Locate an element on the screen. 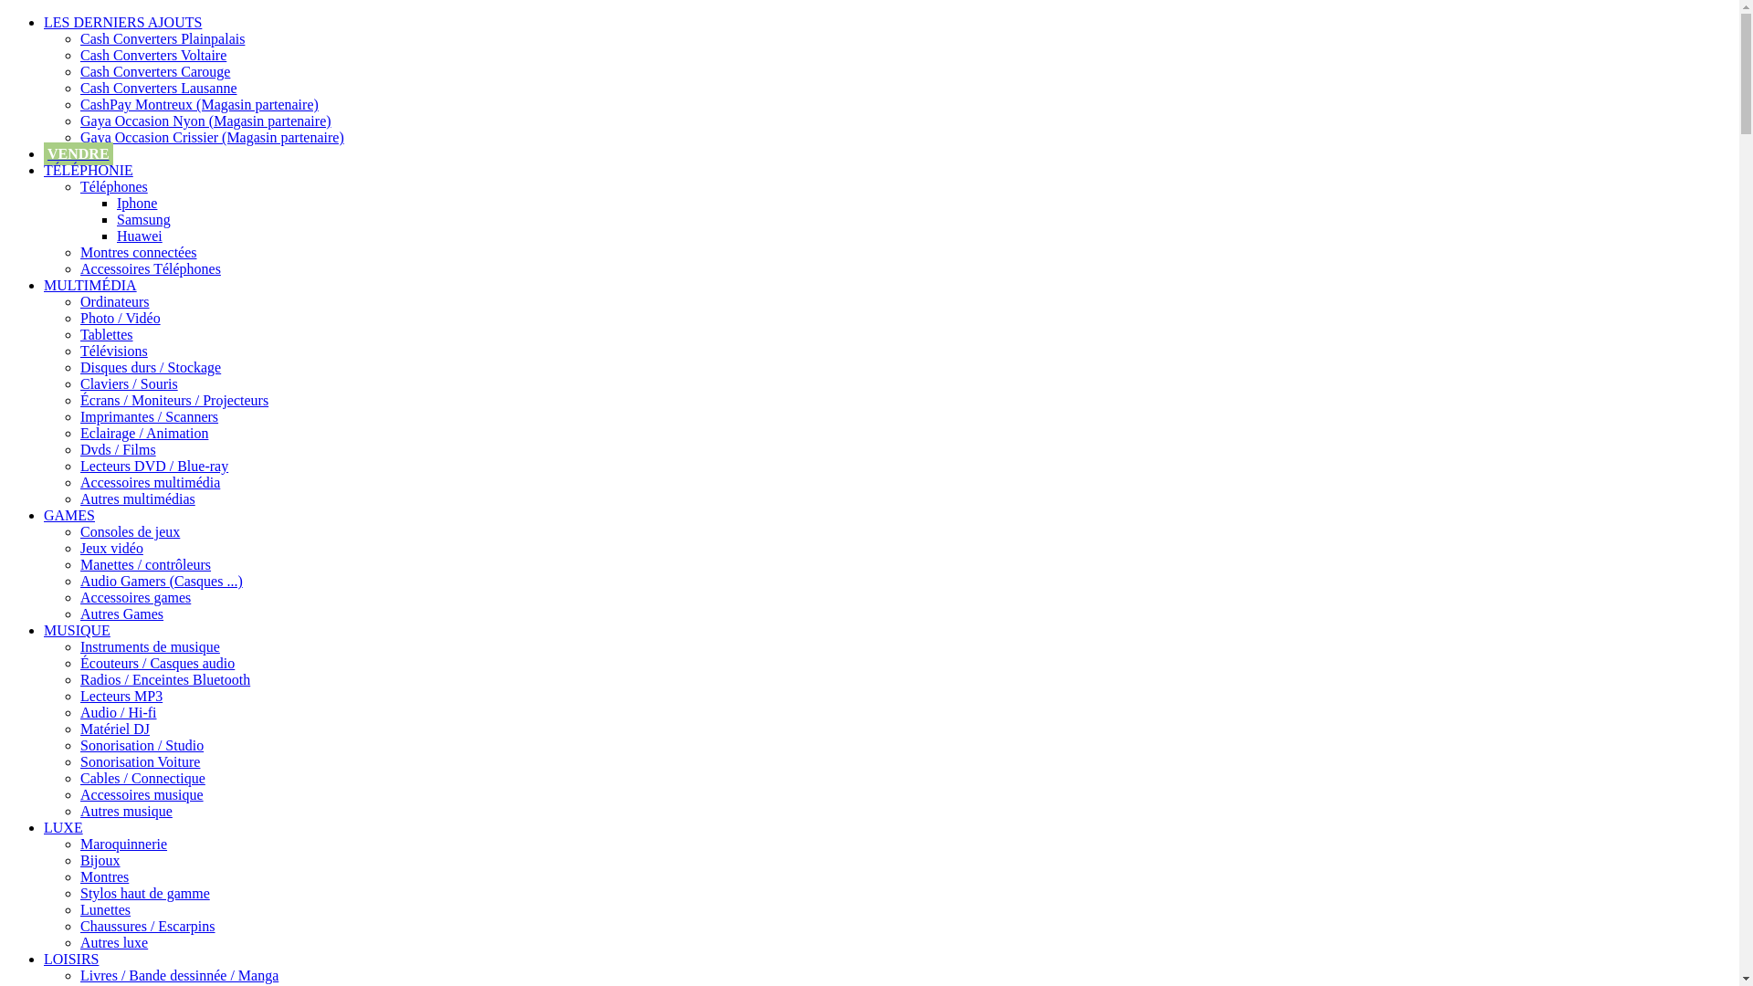 This screenshot has height=986, width=1753. 'MUSIQUE' is located at coordinates (76, 629).